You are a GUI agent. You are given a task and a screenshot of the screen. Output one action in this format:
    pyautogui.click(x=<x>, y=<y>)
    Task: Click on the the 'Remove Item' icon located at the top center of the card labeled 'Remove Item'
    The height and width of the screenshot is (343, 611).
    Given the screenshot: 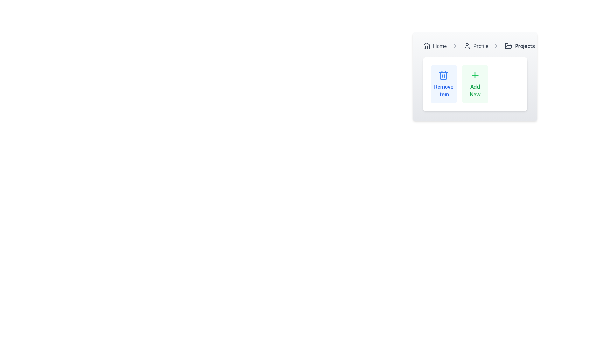 What is the action you would take?
    pyautogui.click(x=443, y=76)
    